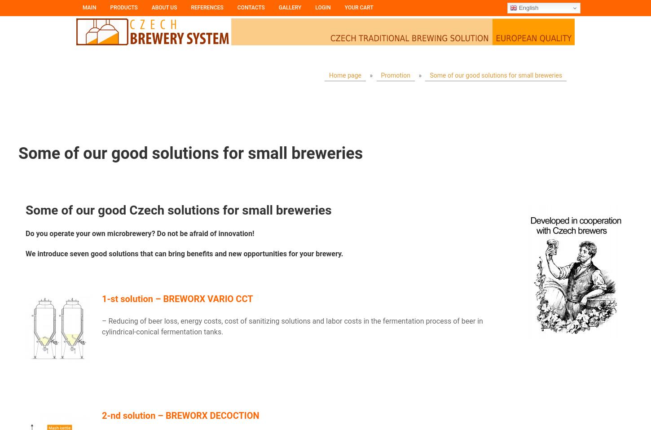 This screenshot has height=430, width=651. I want to click on 'Login', so click(322, 7).